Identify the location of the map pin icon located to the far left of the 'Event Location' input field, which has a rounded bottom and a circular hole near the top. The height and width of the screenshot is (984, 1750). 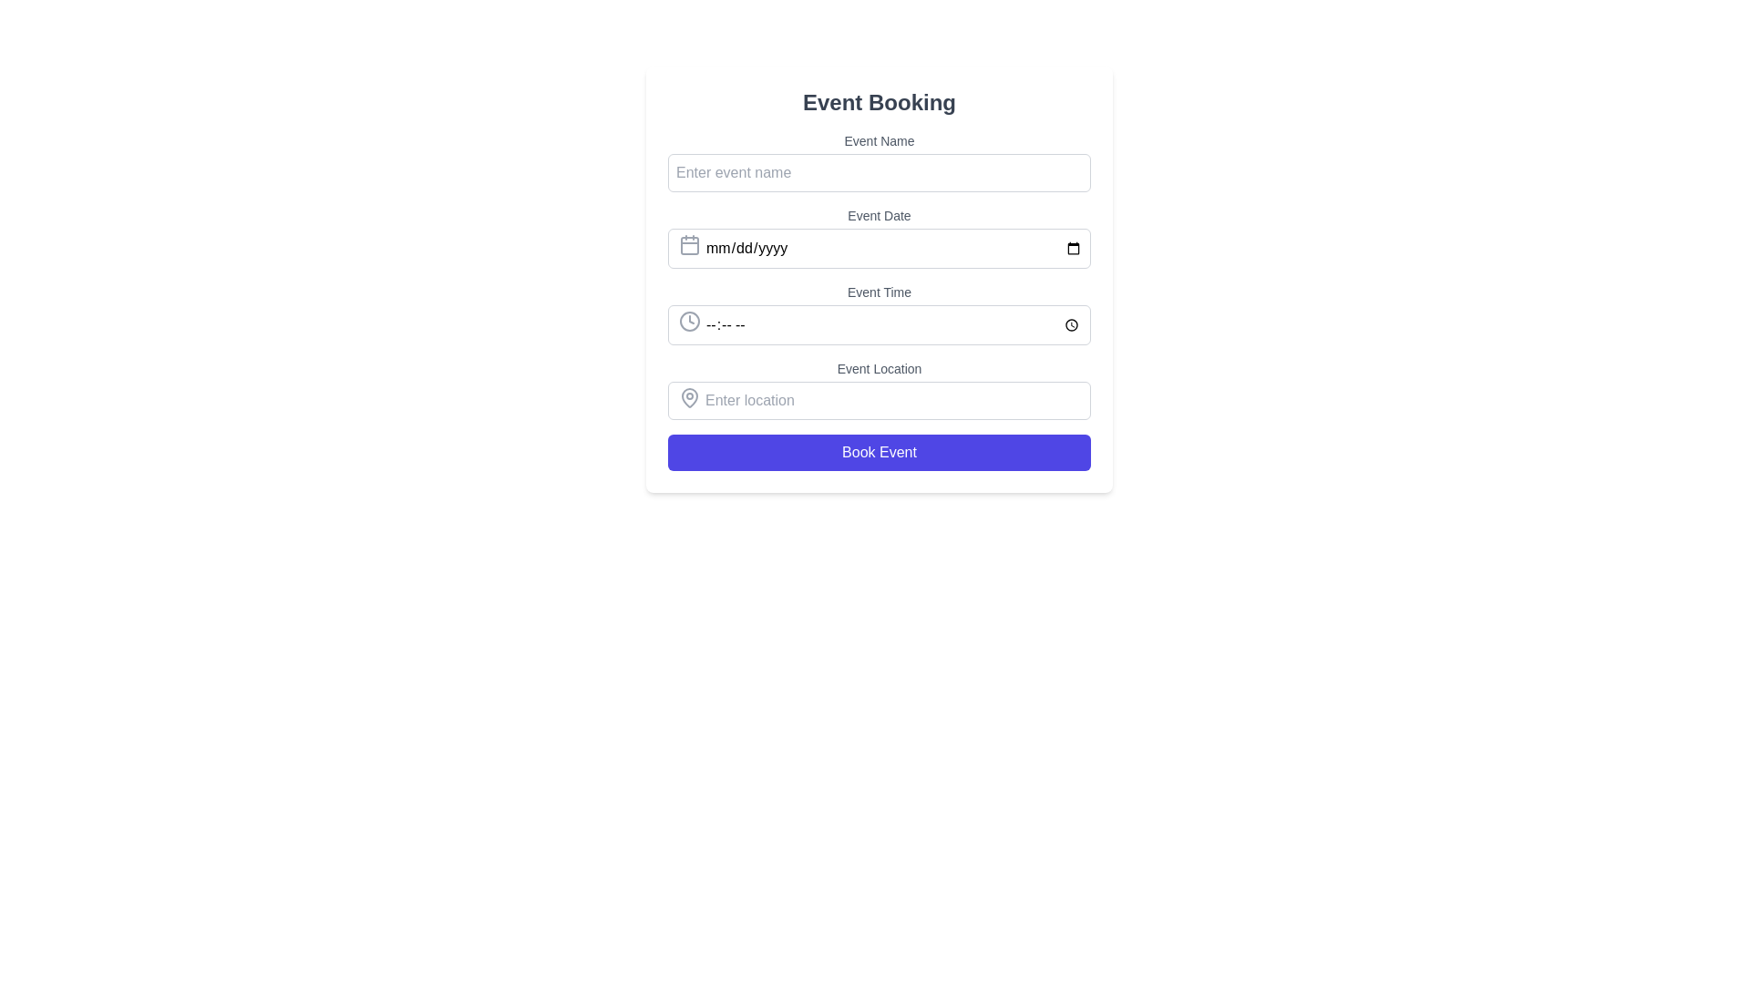
(689, 396).